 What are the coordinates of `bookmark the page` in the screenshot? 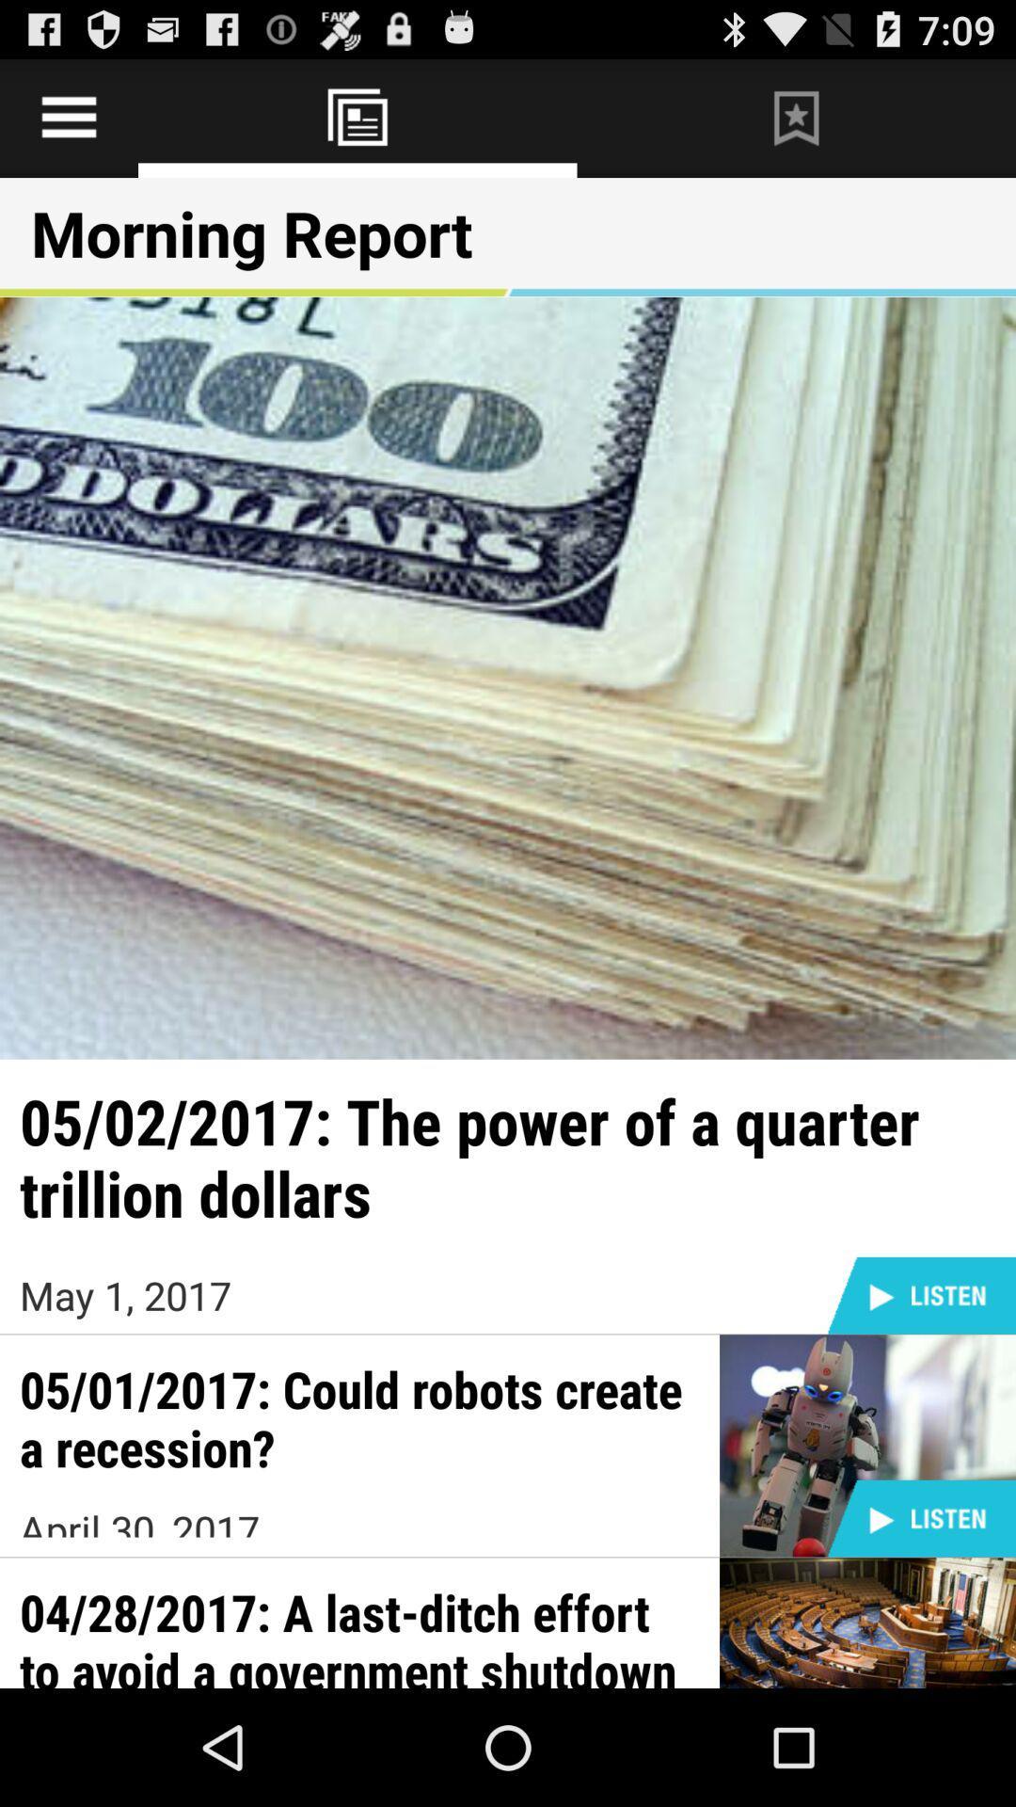 It's located at (796, 117).